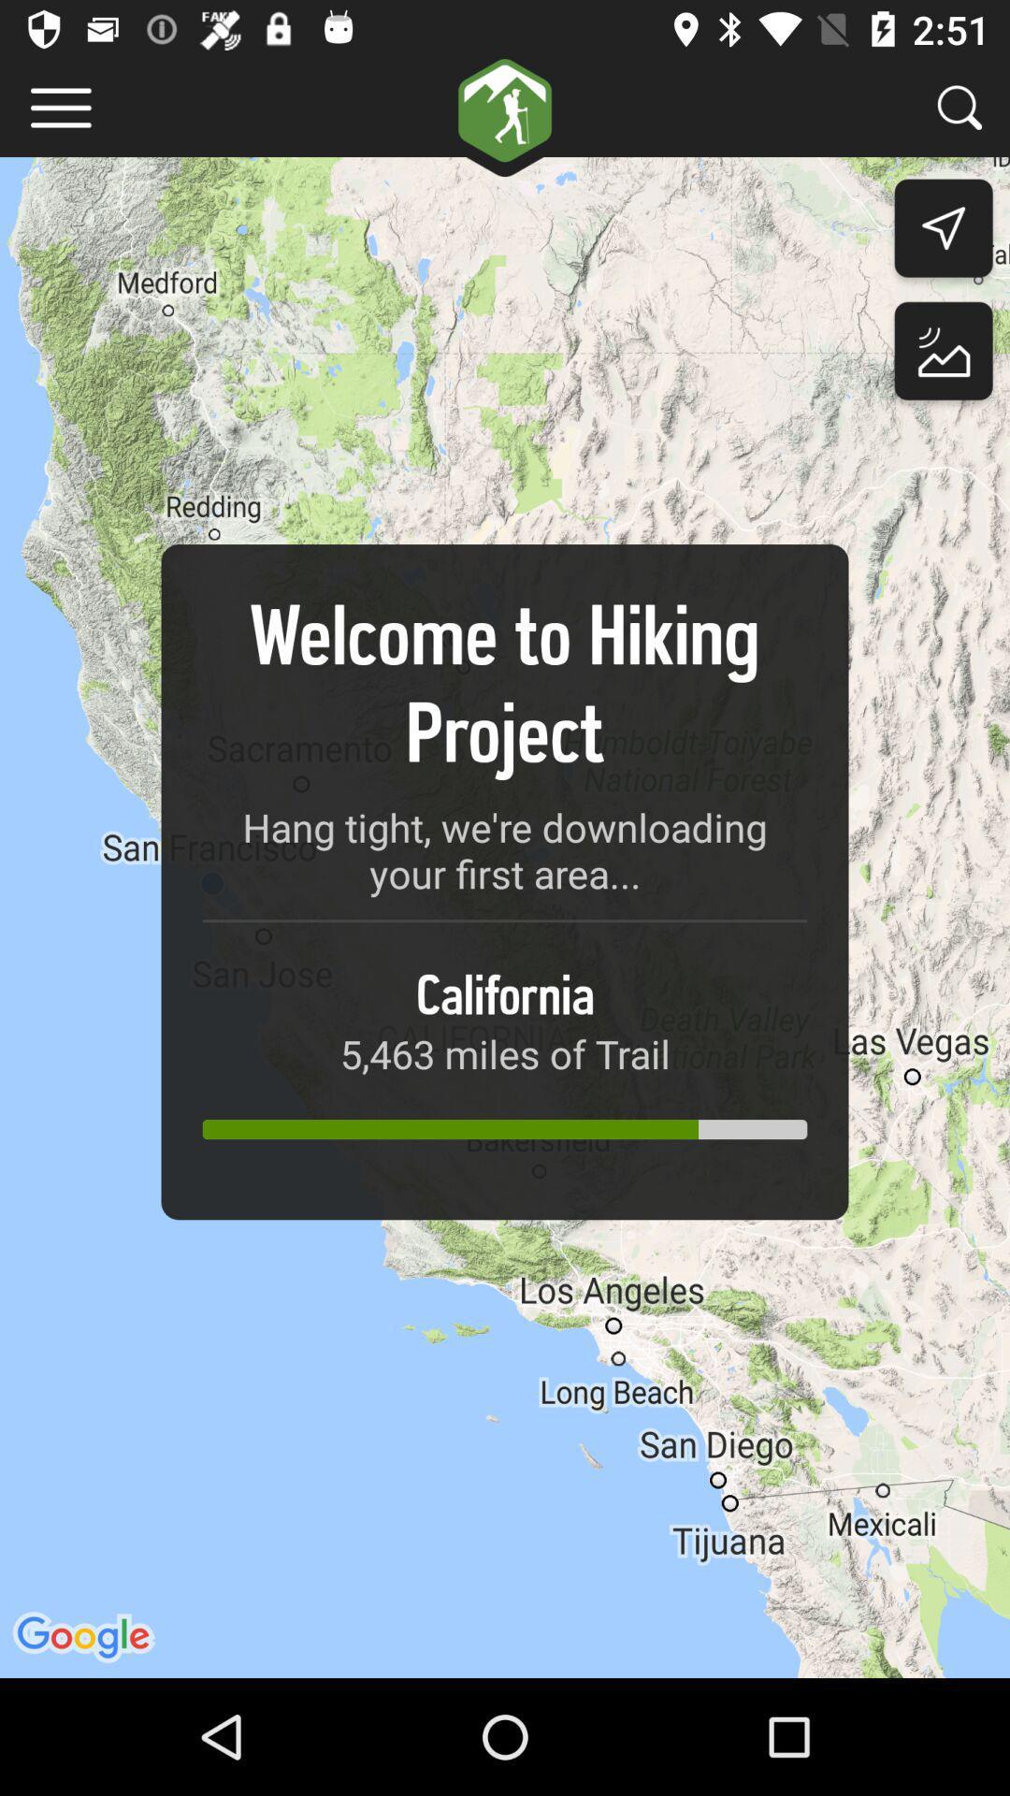  I want to click on search more projects, so click(959, 107).